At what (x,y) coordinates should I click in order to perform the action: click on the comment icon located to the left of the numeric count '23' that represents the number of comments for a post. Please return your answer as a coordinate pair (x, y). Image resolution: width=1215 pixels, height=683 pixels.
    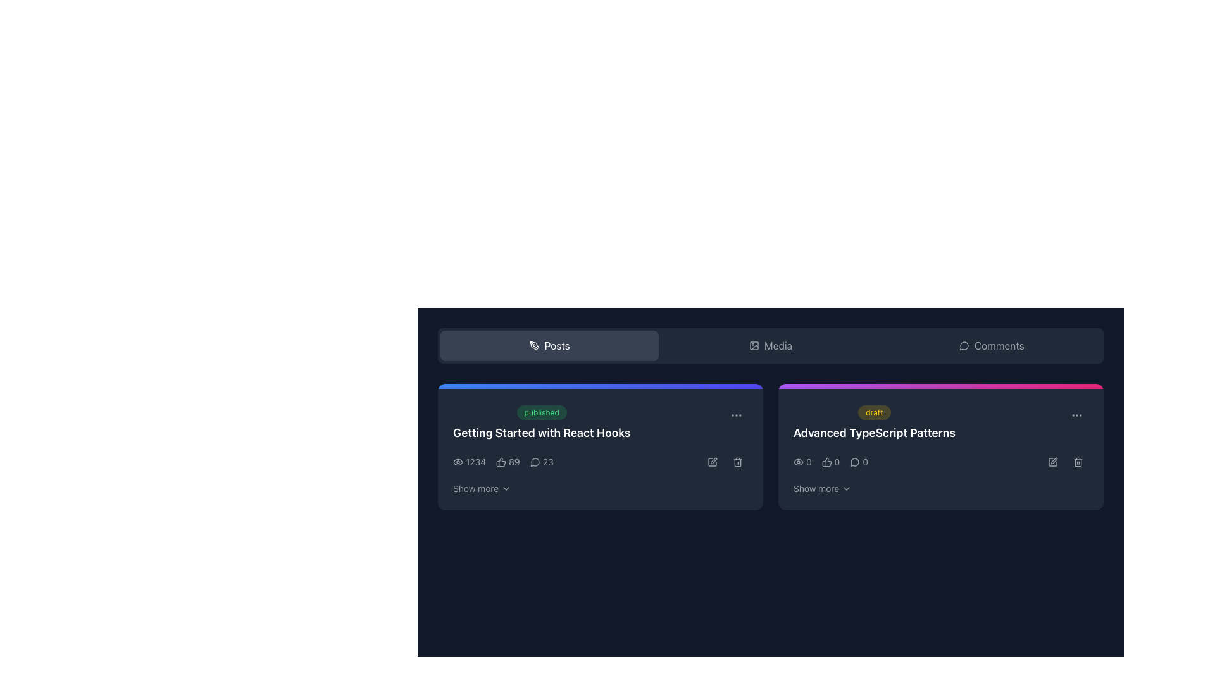
    Looking at the image, I should click on (535, 462).